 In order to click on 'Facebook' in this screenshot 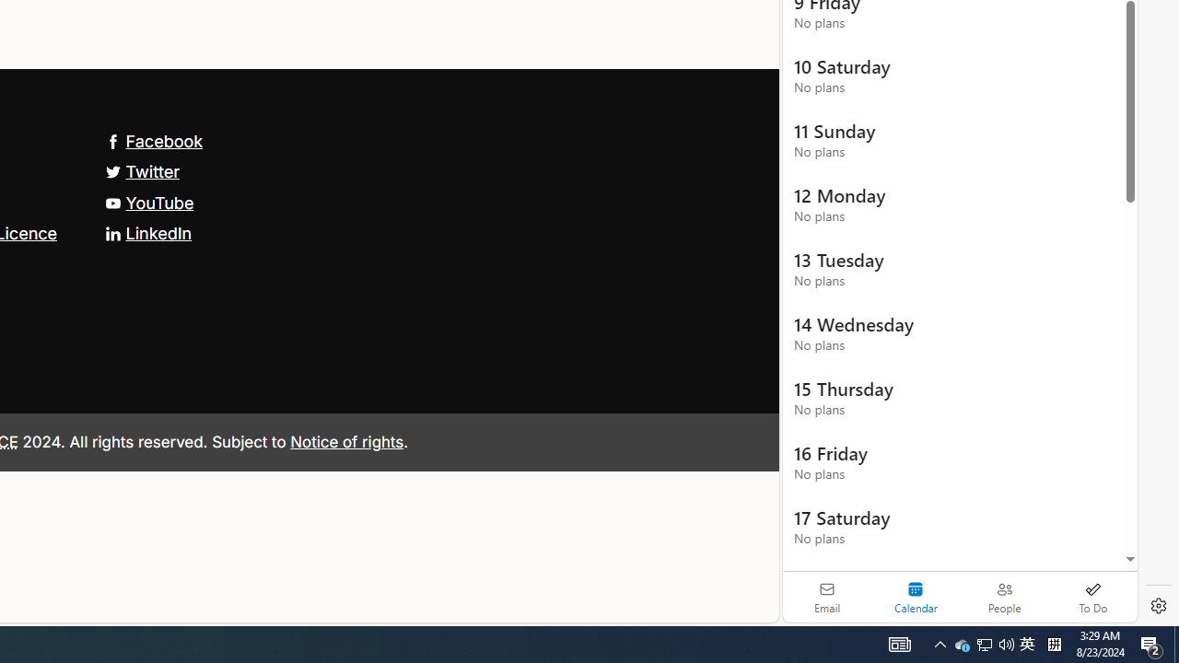, I will do `click(154, 140)`.